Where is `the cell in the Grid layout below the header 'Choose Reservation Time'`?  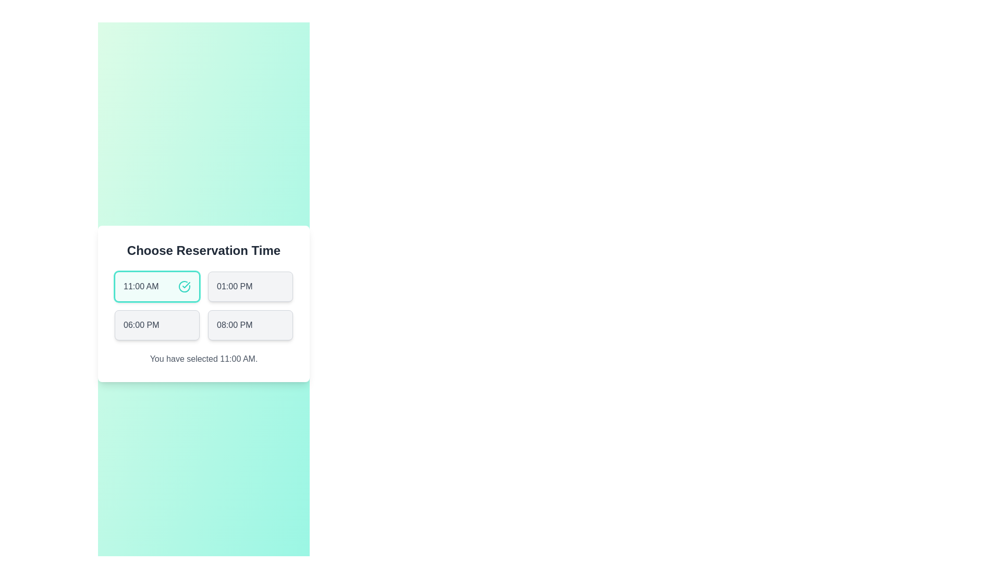 the cell in the Grid layout below the header 'Choose Reservation Time' is located at coordinates (203, 305).